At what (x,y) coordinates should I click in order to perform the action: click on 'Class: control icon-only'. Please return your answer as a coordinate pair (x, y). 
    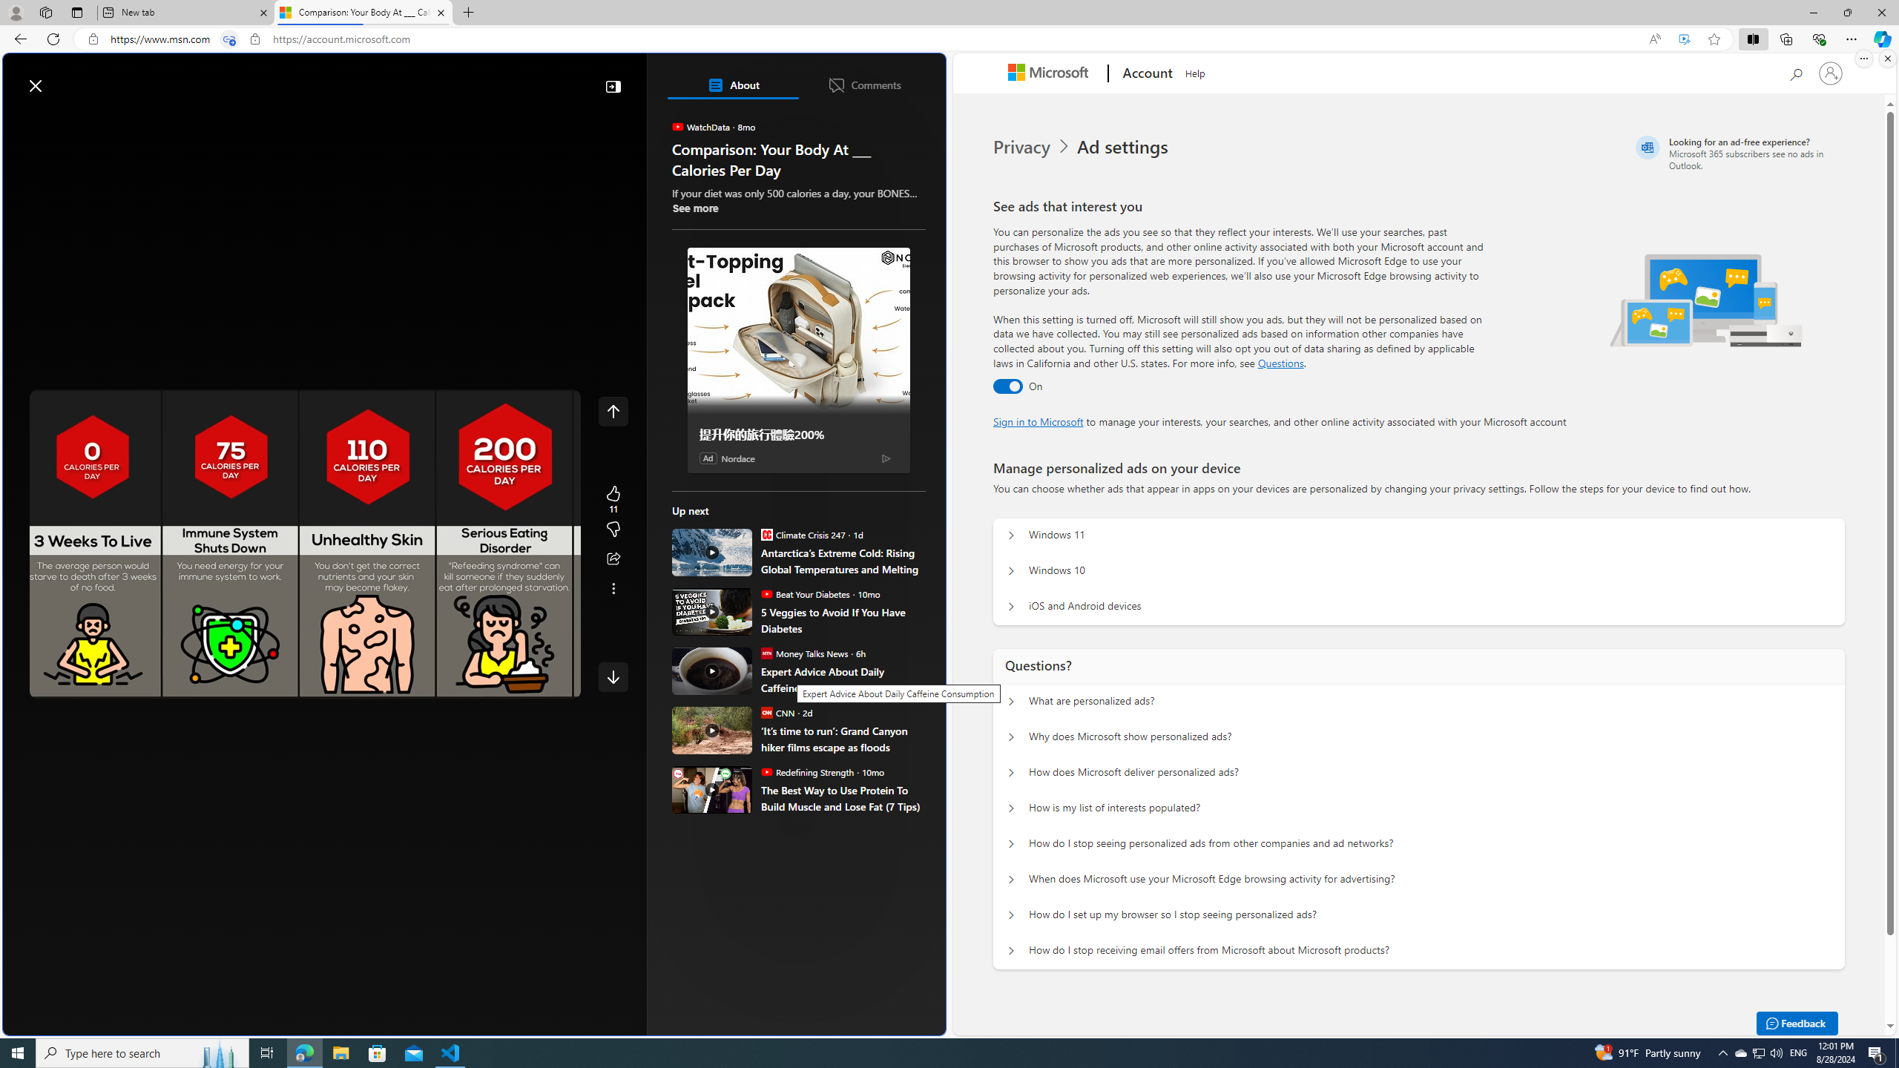
    Looking at the image, I should click on (613, 412).